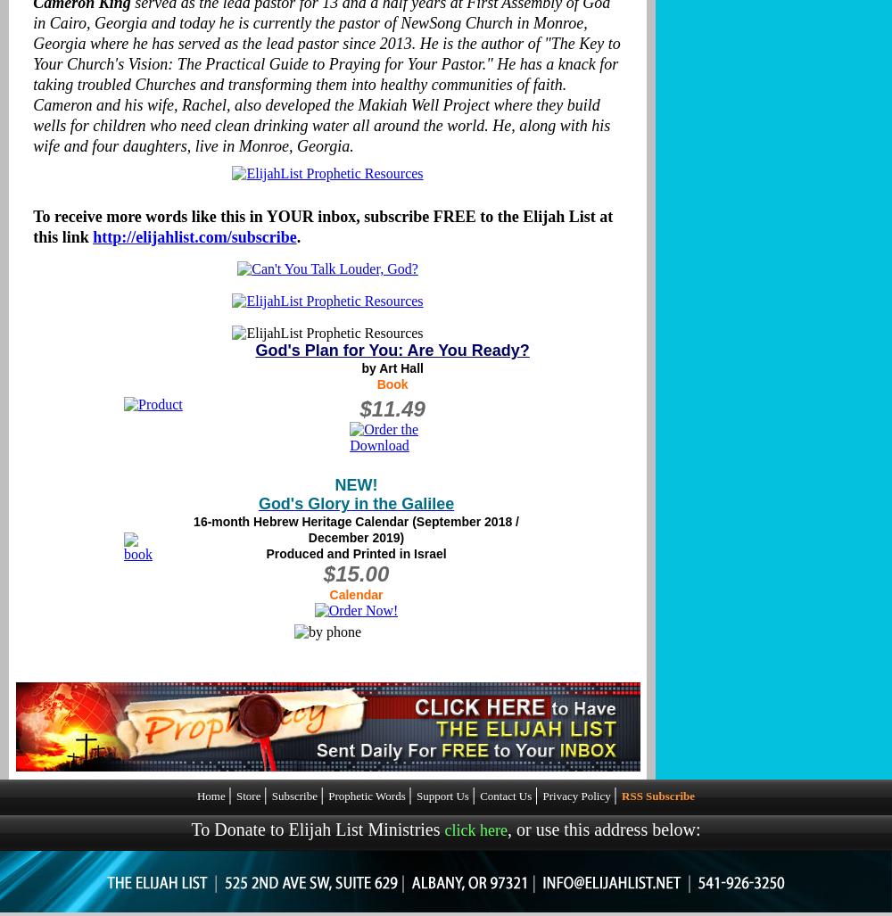 This screenshot has width=892, height=916. What do you see at coordinates (443, 795) in the screenshot?
I see `'Support Us'` at bounding box center [443, 795].